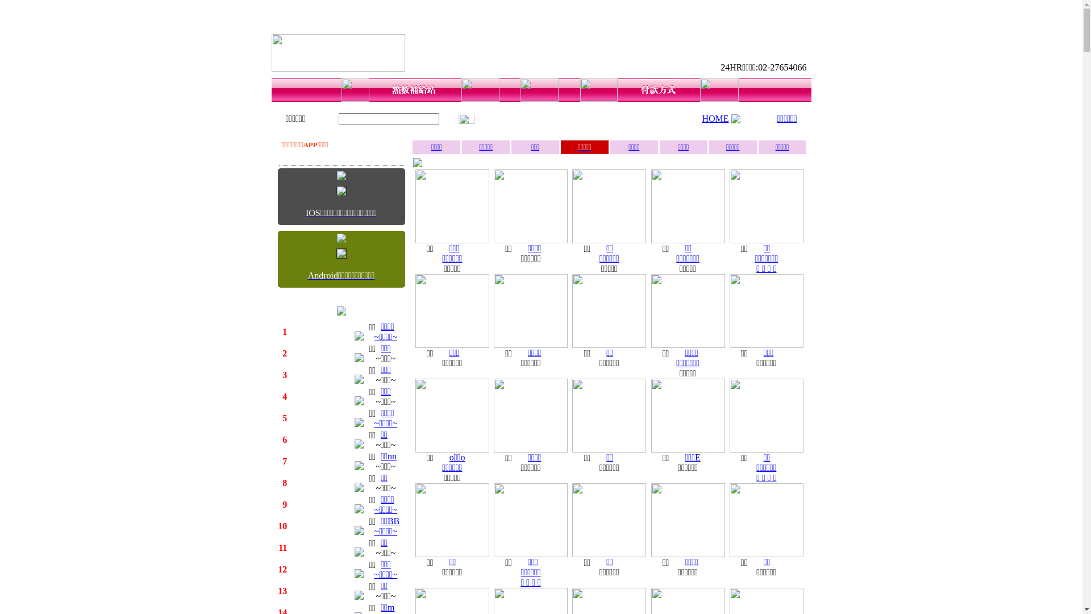  Describe the element at coordinates (701, 118) in the screenshot. I see `'HOME'` at that location.